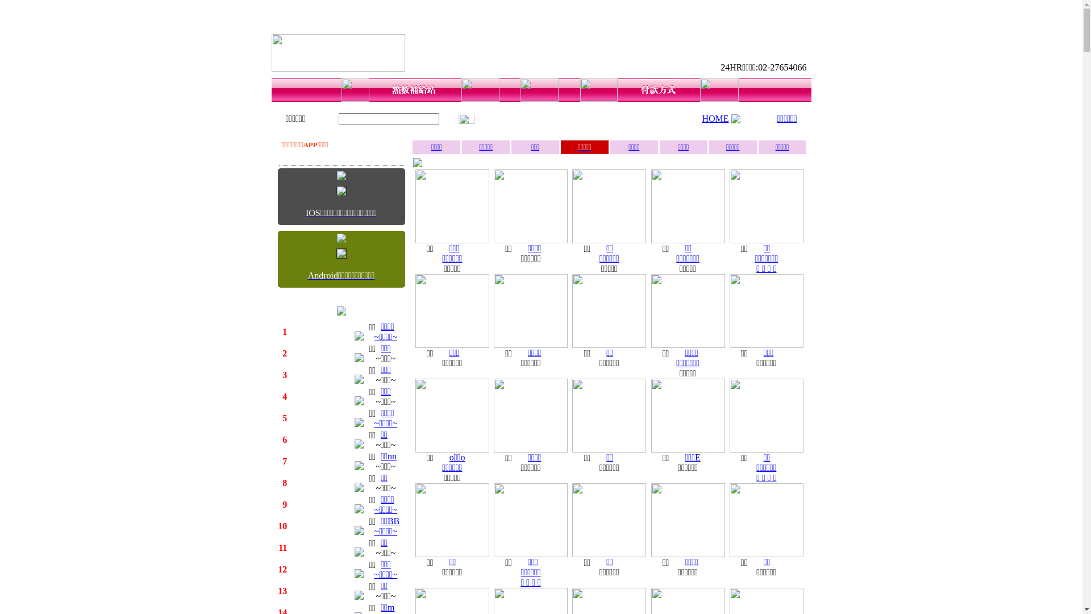  Describe the element at coordinates (701, 118) in the screenshot. I see `'HOME'` at that location.